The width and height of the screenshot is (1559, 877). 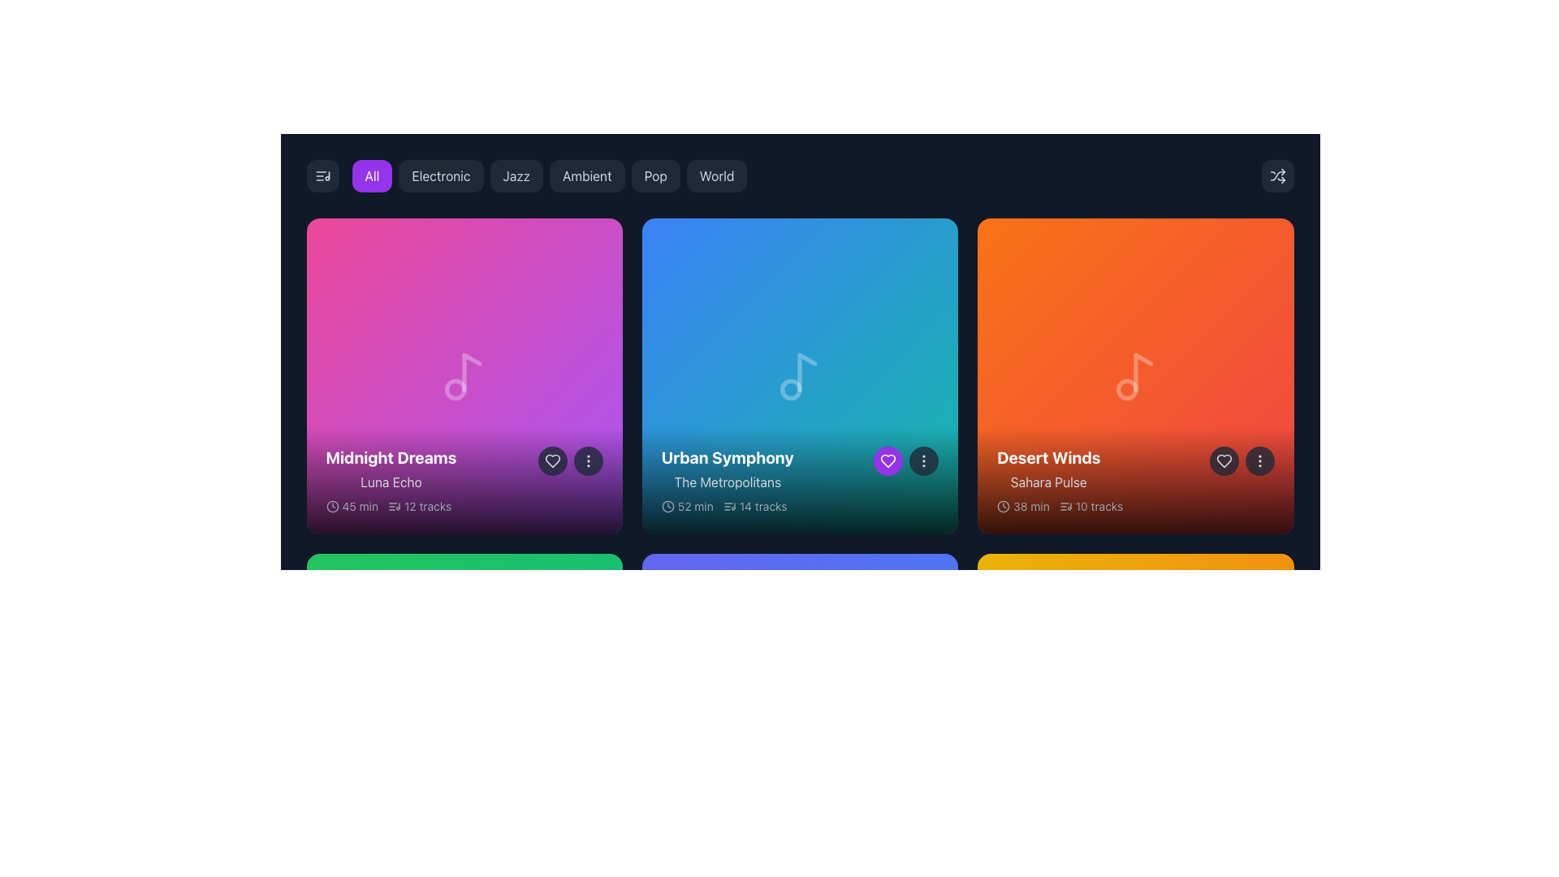 What do you see at coordinates (441, 175) in the screenshot?
I see `the 'Electronic' filter button, which is the second button in a horizontal list of category filters located at the top of the content area` at bounding box center [441, 175].